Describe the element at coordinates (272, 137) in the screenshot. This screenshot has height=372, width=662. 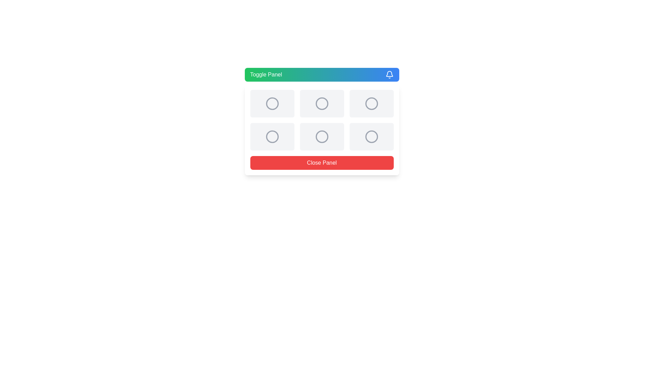
I see `the gray circular icon with a hollow center and thin outline located in the second row, first column of the grid layout` at that location.